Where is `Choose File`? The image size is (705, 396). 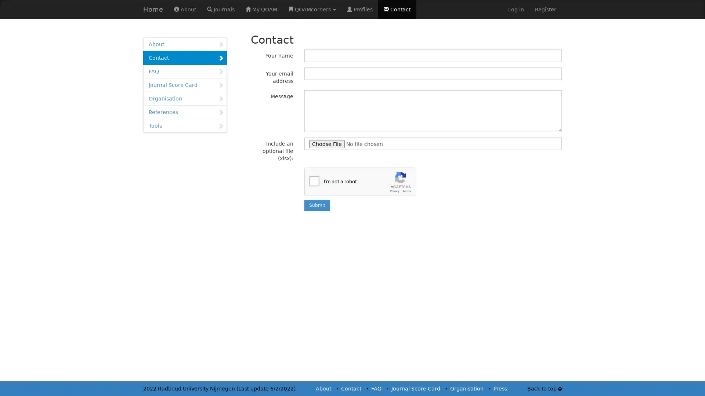
Choose File is located at coordinates (326, 144).